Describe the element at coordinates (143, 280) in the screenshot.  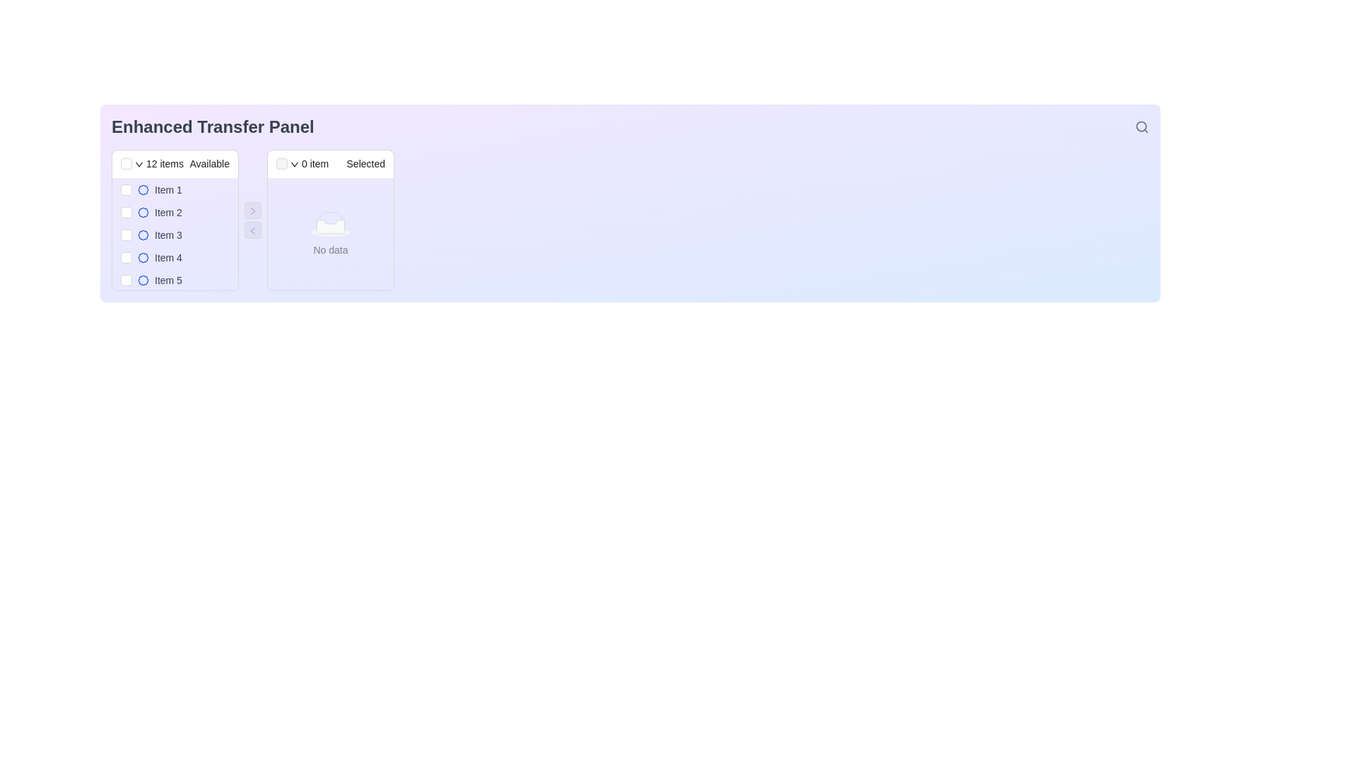
I see `the circular icon with a blue border and blue graphics located beside the label 'Item 5' in the 'Available' panel of the 'Enhanced Transfer Panel'` at that location.